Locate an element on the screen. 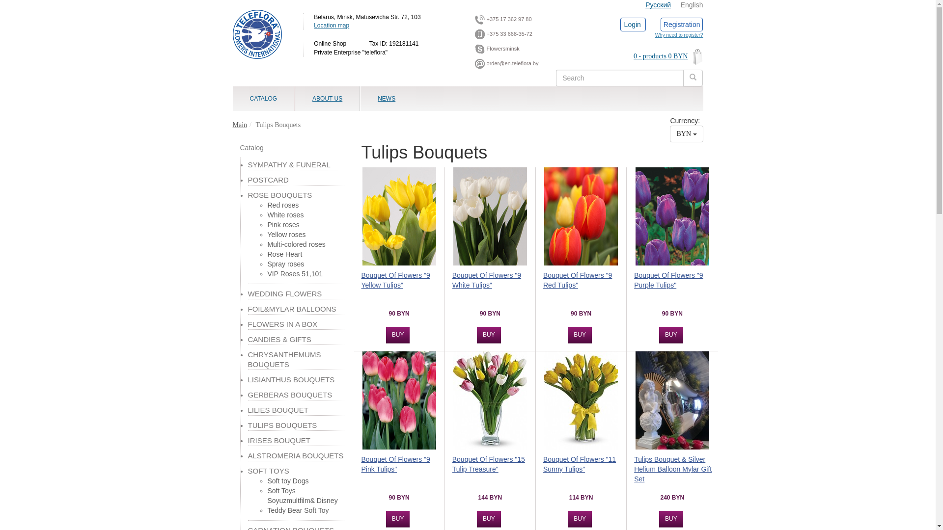  'Login' is located at coordinates (632, 24).